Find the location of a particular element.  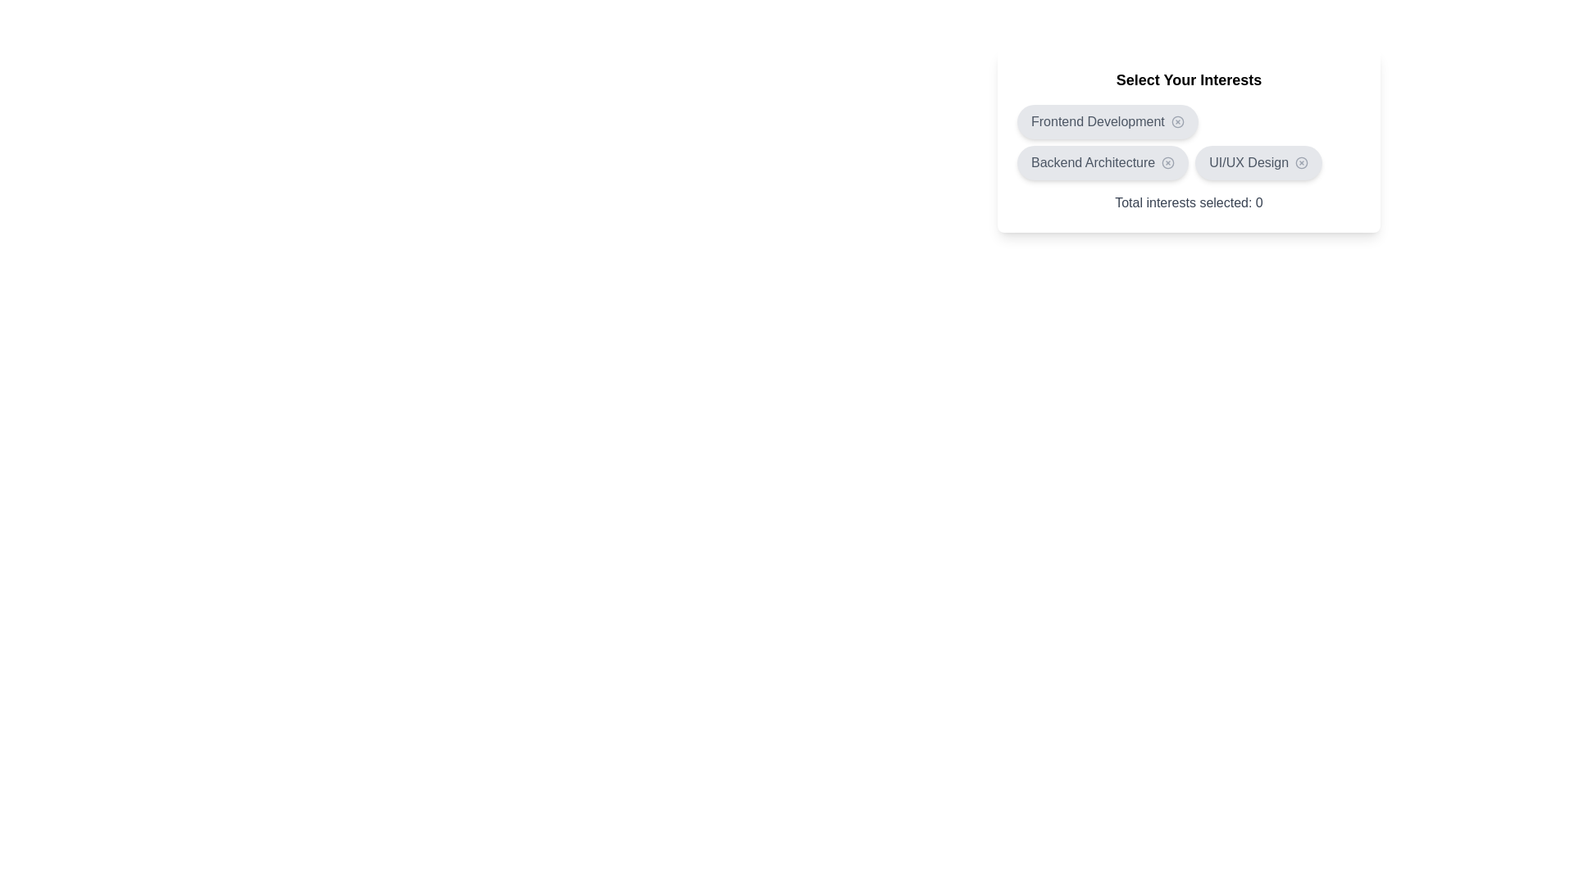

the interactive button or icon associated with the 'UI/UX Design' tag to deselect or remove the tag from the selection is located at coordinates (1301, 163).